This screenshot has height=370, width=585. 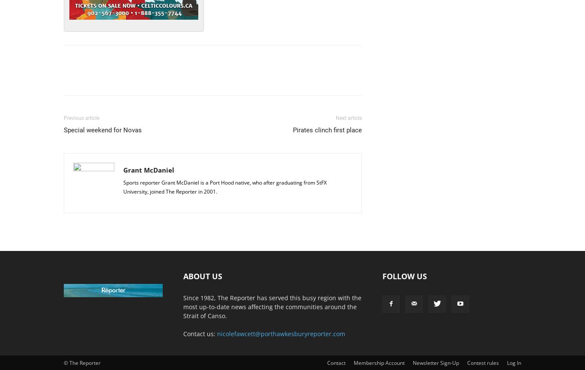 I want to click on 'Pirates clinch first place', so click(x=327, y=130).